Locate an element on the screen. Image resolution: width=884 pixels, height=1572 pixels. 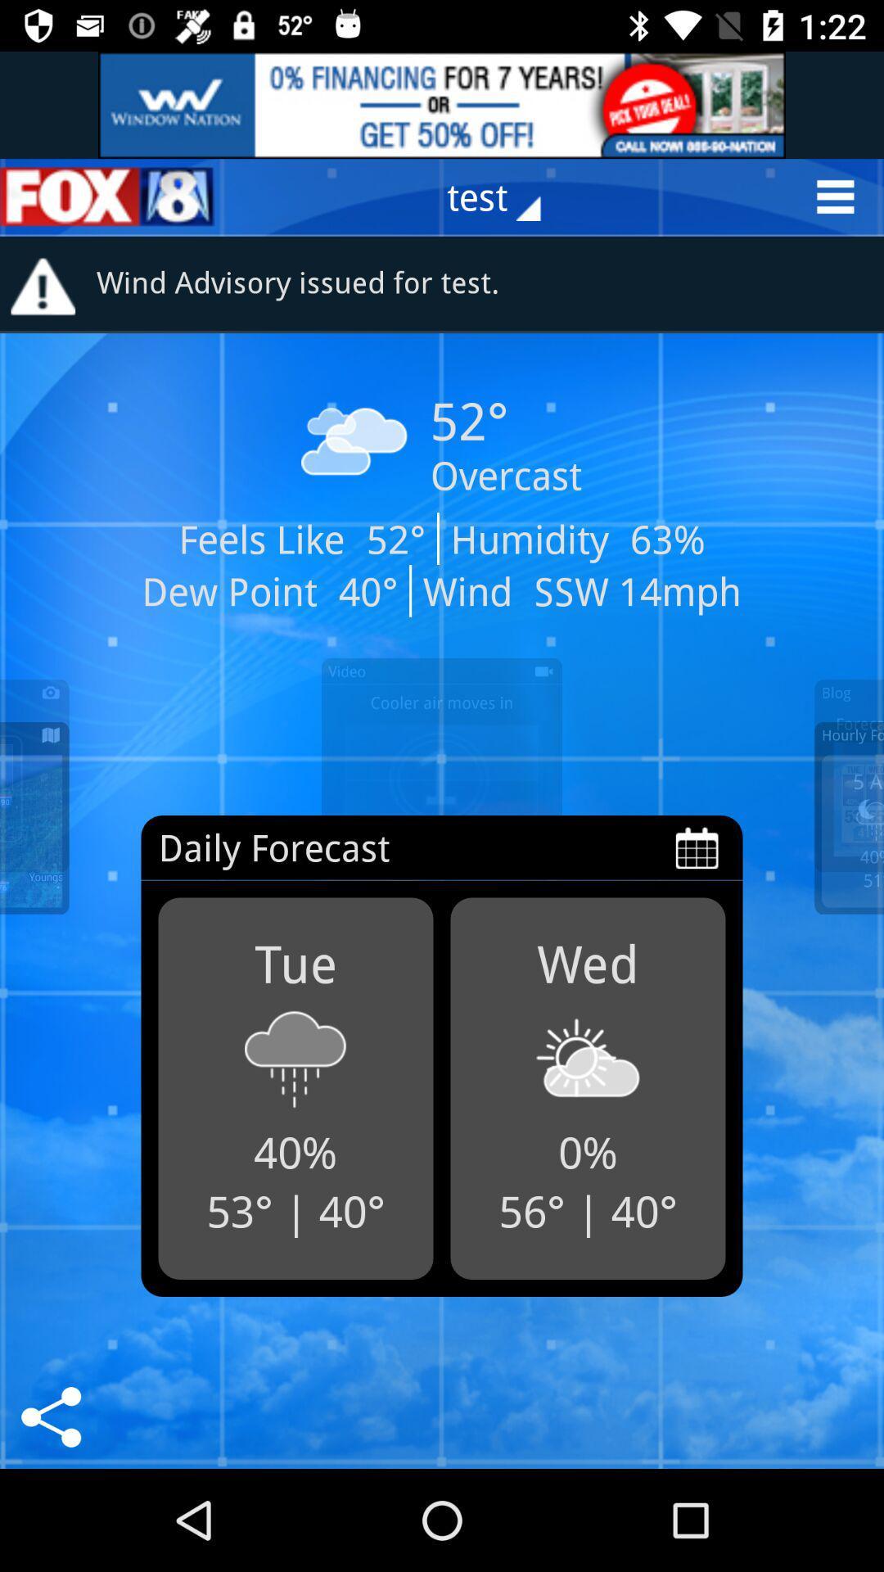
the sliders icon is located at coordinates (107, 196).